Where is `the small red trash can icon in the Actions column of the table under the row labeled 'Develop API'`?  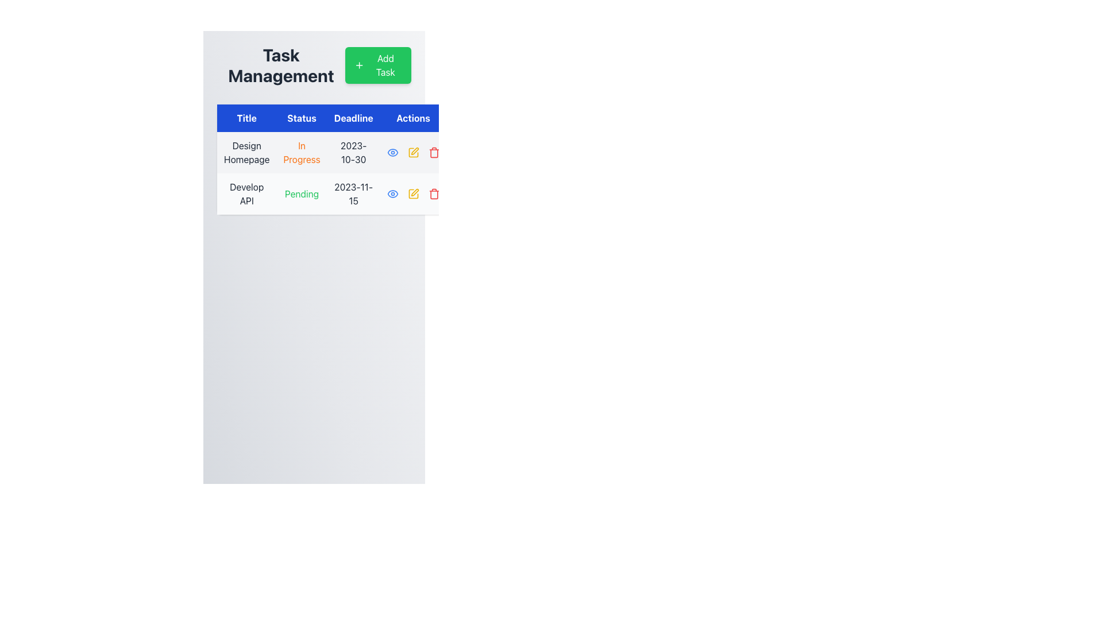 the small red trash can icon in the Actions column of the table under the row labeled 'Develop API' is located at coordinates (433, 152).